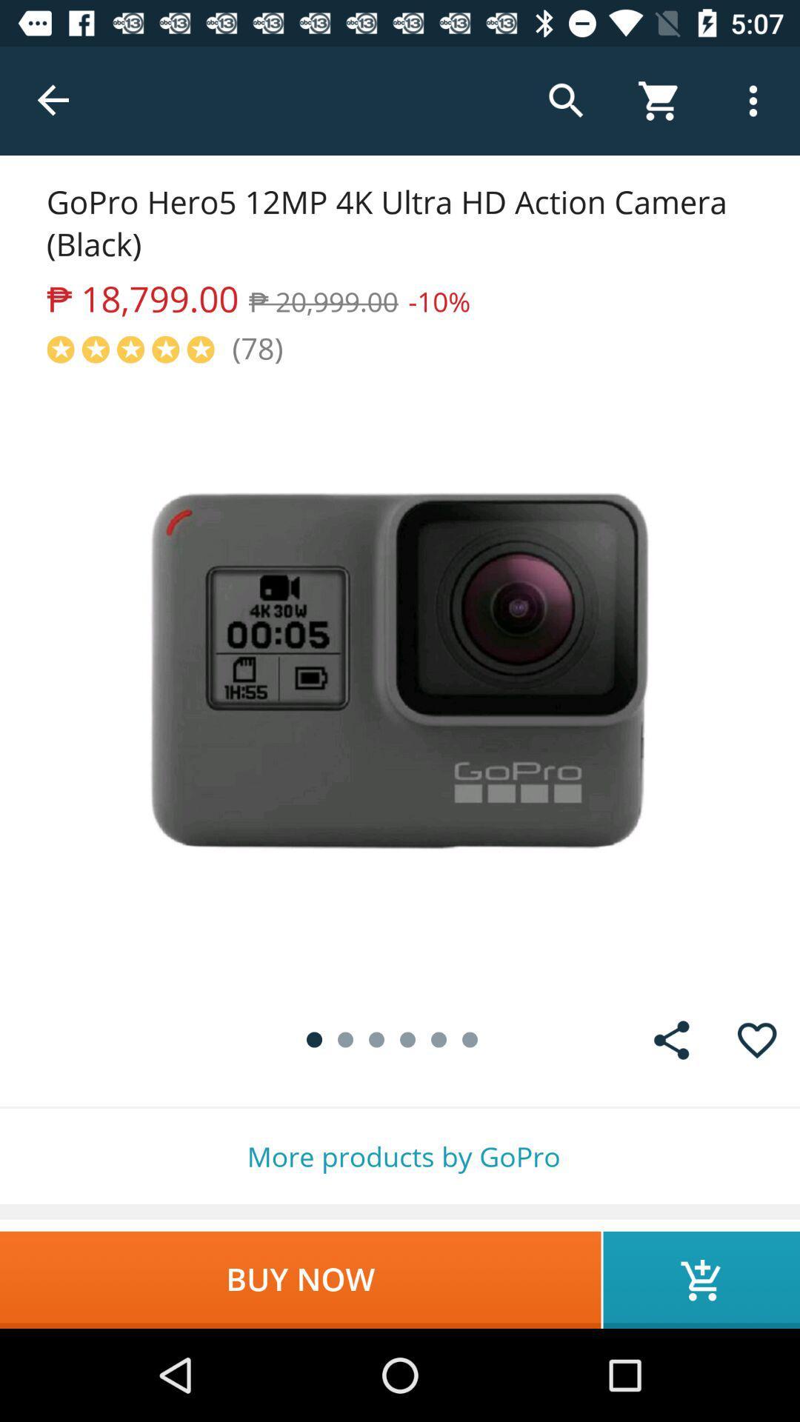  What do you see at coordinates (400, 681) in the screenshot?
I see `open image` at bounding box center [400, 681].